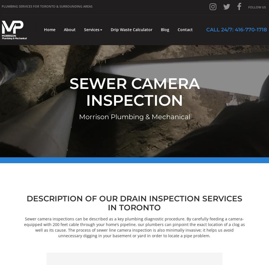 The width and height of the screenshot is (269, 265). I want to click on 'Contact', so click(185, 29).